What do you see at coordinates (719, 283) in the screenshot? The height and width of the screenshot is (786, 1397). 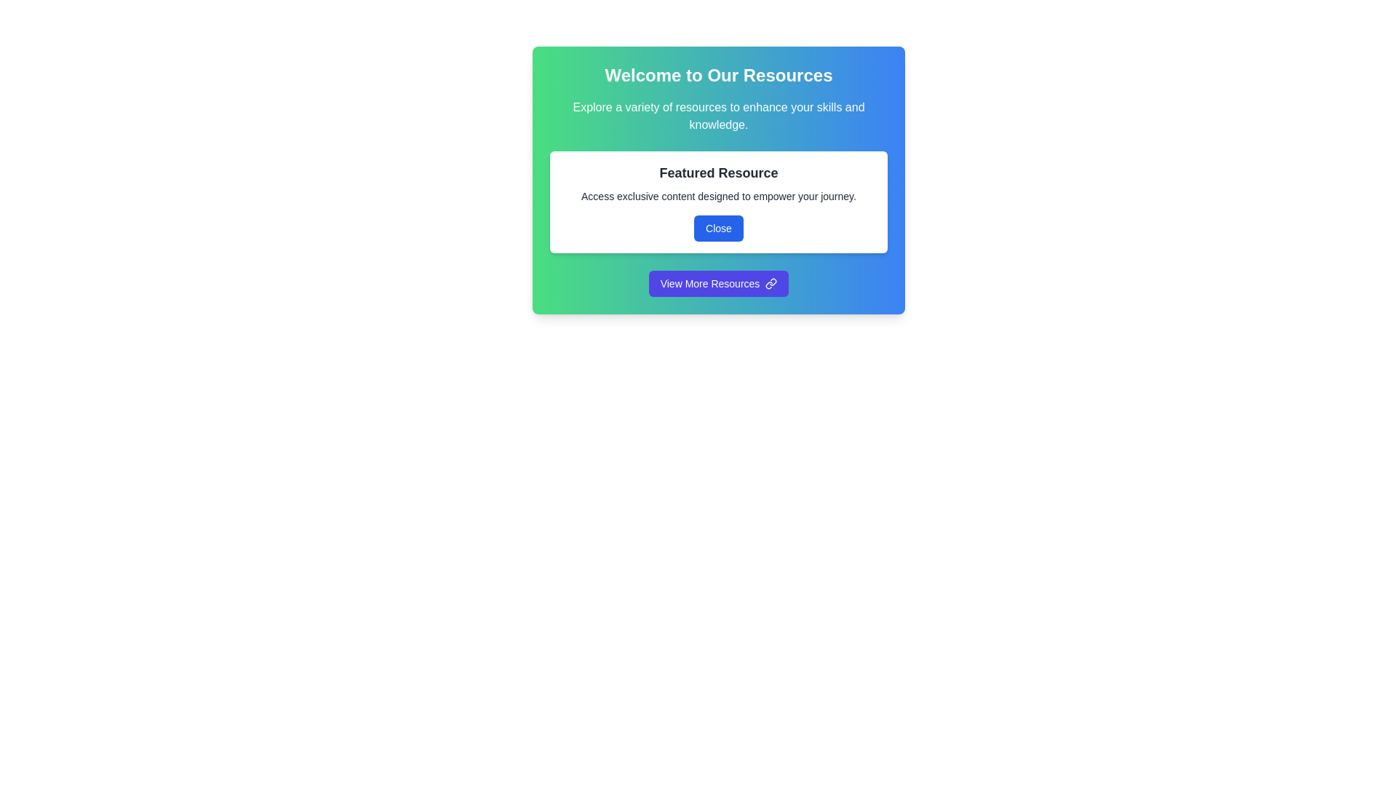 I see `the rectangular 'View More Resources' button with white text on a purple background` at bounding box center [719, 283].